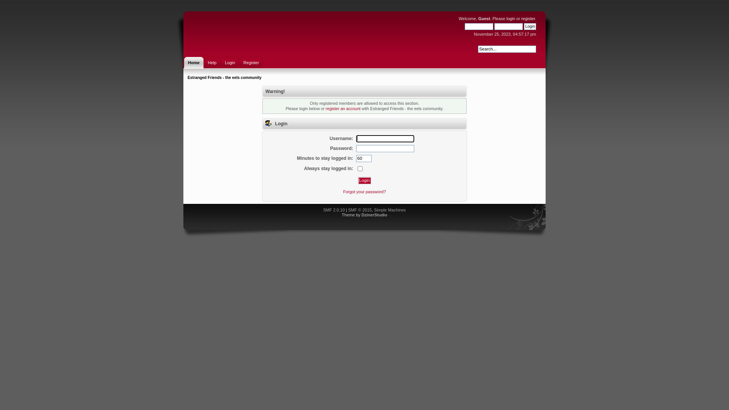  What do you see at coordinates (521, 18) in the screenshot?
I see `'register'` at bounding box center [521, 18].